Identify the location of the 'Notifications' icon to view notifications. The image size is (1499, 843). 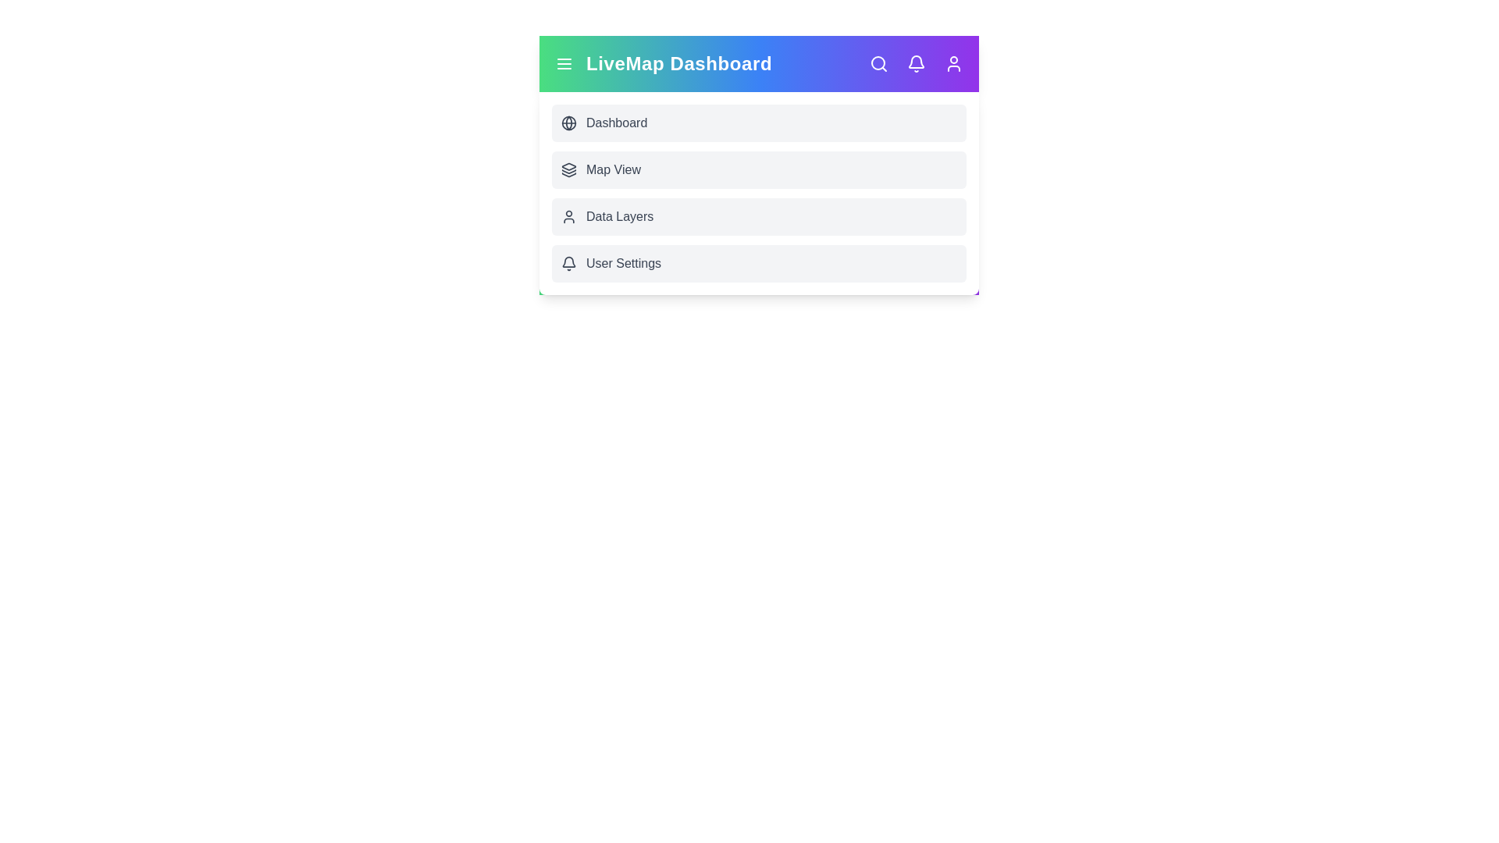
(917, 62).